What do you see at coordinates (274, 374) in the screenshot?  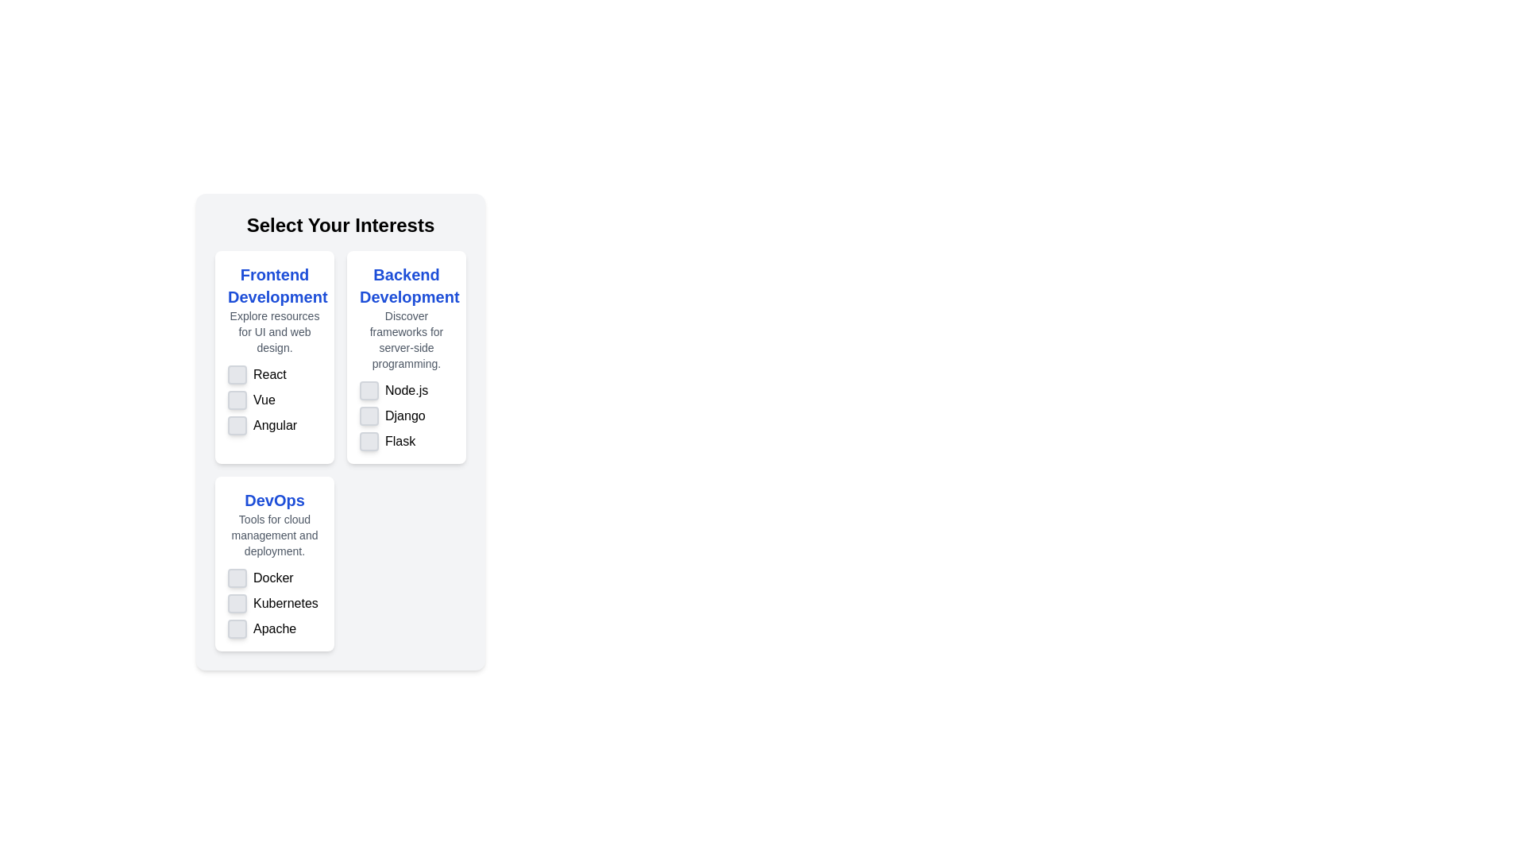 I see `the checkbox labeled 'React'` at bounding box center [274, 374].